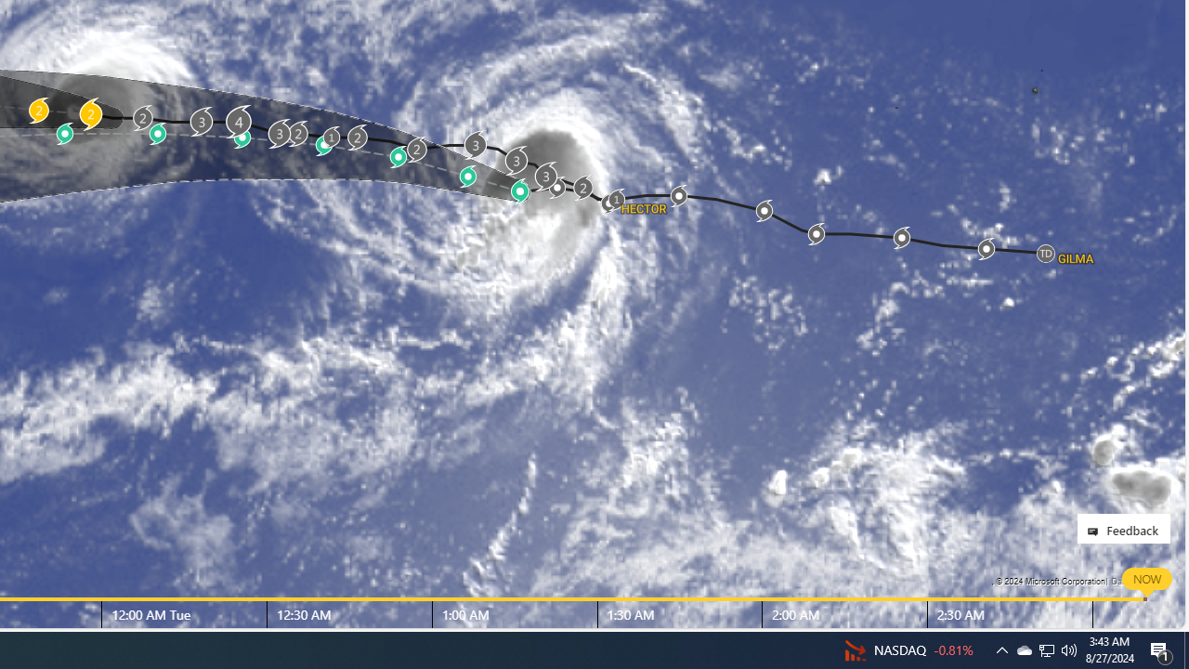  Describe the element at coordinates (1096, 531) in the screenshot. I see `'Class: feedback_link_icon-DS-EntryPoint1-1'` at that location.